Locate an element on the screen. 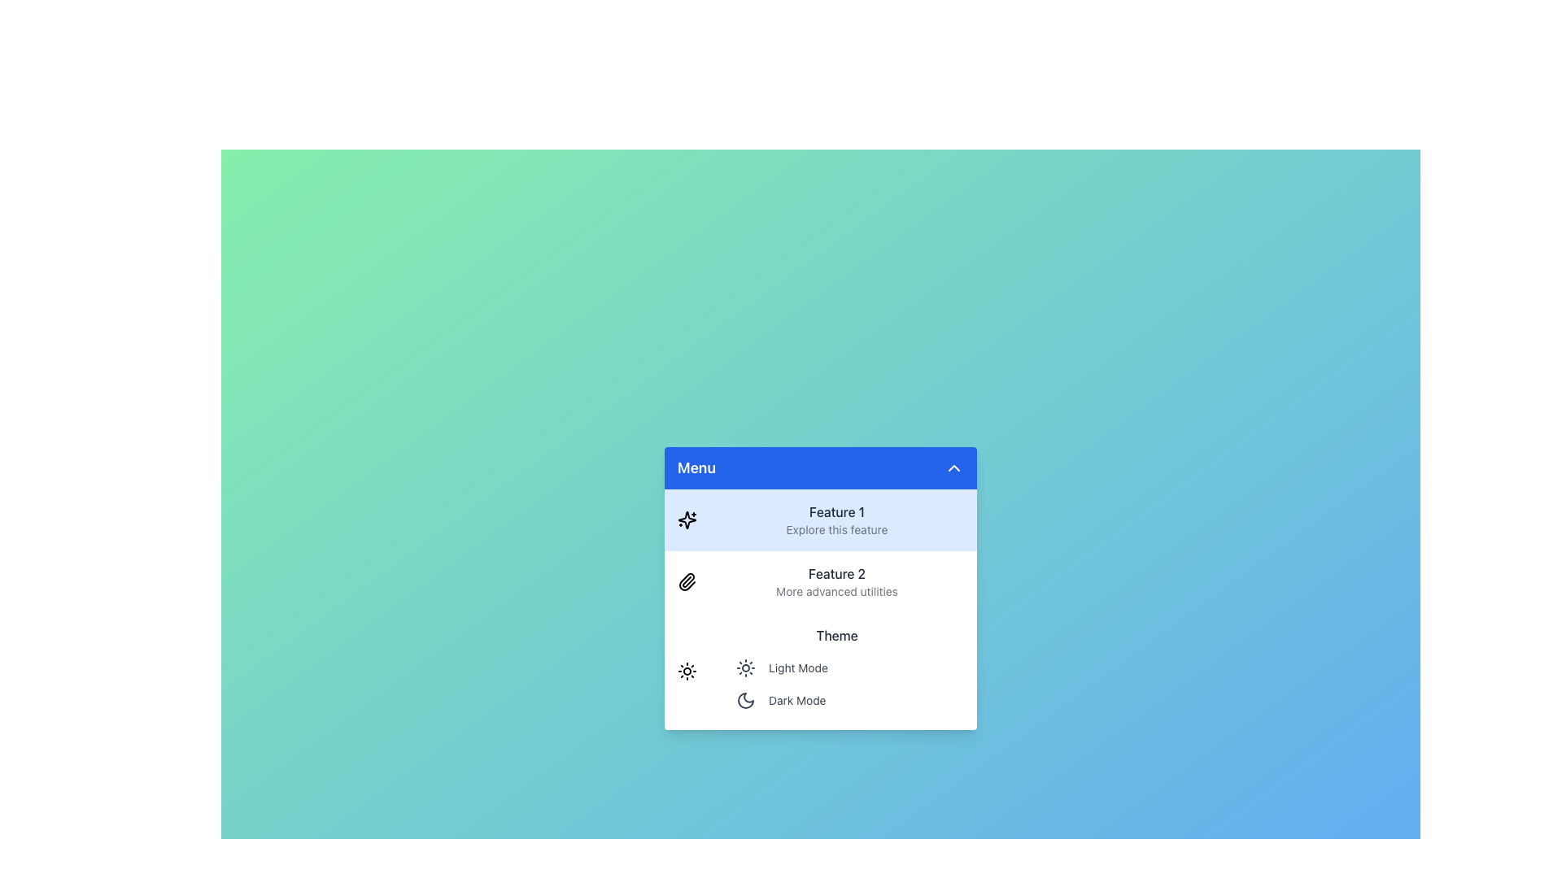 This screenshot has height=878, width=1562. the text block displaying 'Feature 1' with the subtitle 'Explore this feature', which is located below the 'Menu' header is located at coordinates (836, 520).